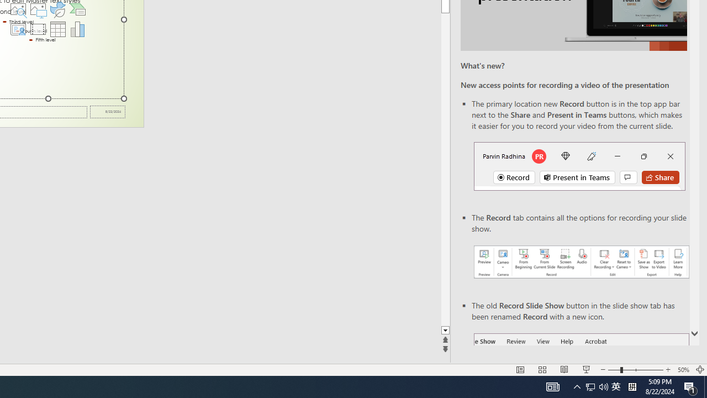 This screenshot has width=707, height=398. What do you see at coordinates (77, 9) in the screenshot?
I see `'Insert a SmartArt Graphic'` at bounding box center [77, 9].